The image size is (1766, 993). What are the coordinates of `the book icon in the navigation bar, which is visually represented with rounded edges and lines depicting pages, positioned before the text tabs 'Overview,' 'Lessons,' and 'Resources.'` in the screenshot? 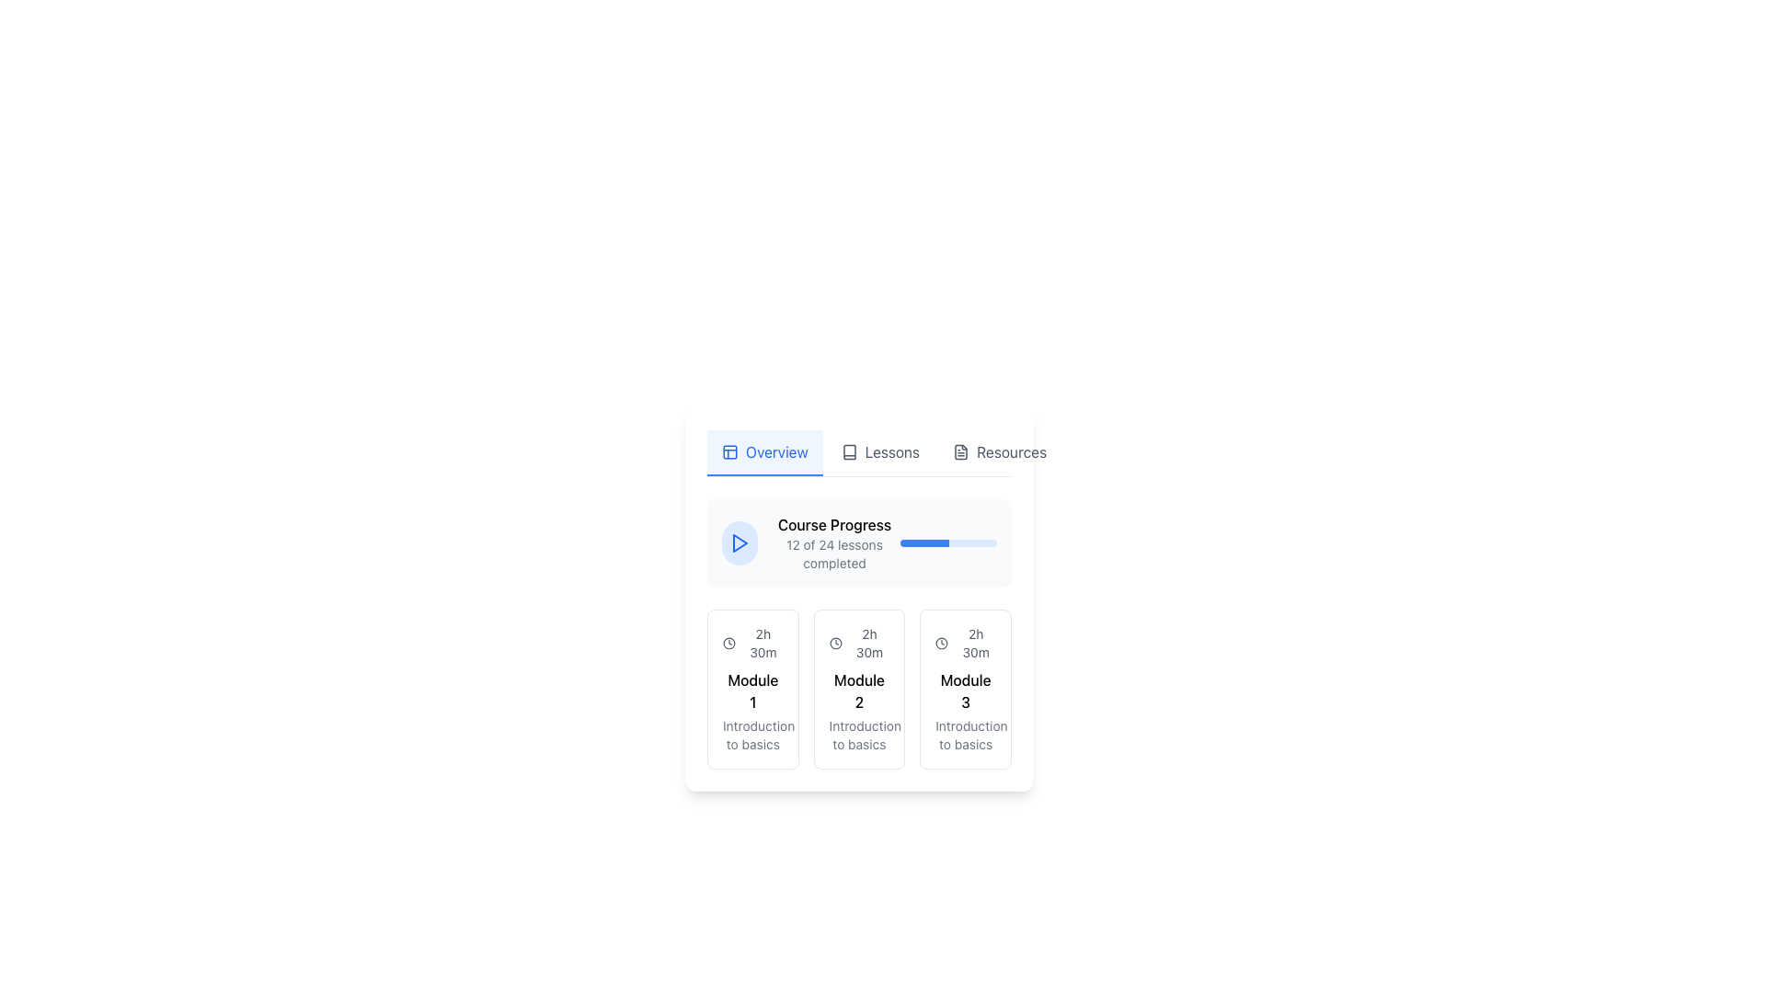 It's located at (848, 452).